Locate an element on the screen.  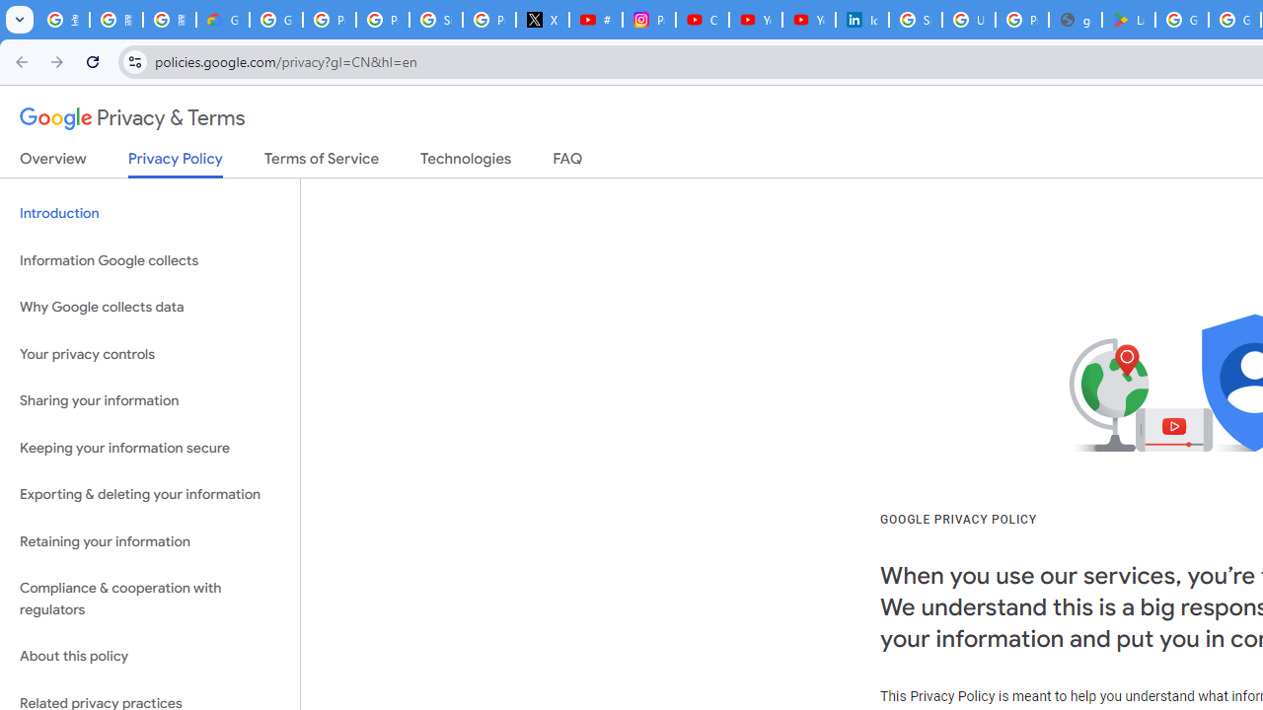
'Compliance & cooperation with regulators' is located at coordinates (149, 599).